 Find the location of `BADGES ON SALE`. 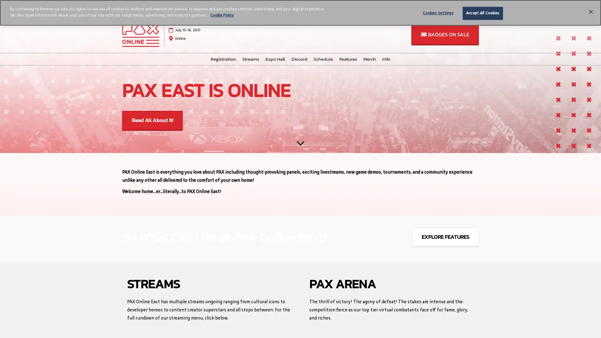

BADGES ON SALE is located at coordinates (444, 34).